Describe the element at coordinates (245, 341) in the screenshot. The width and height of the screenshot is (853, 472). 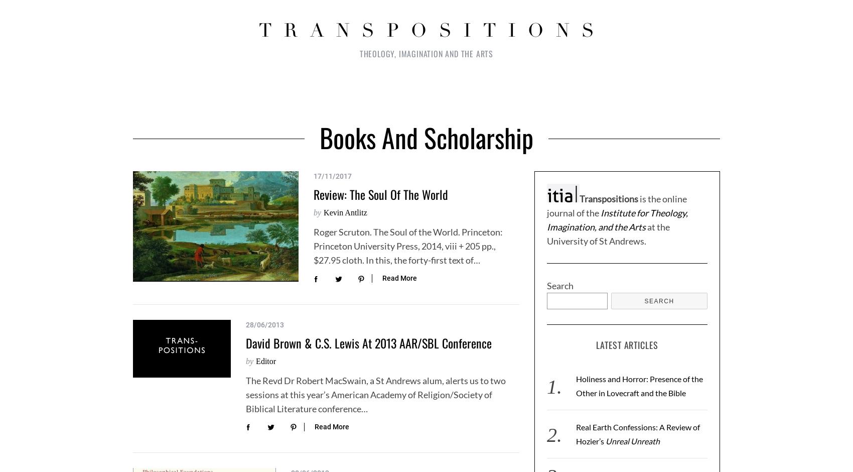
I see `'David Brown & C.S. Lewis at 2013 AAR/SBL Conference'` at that location.